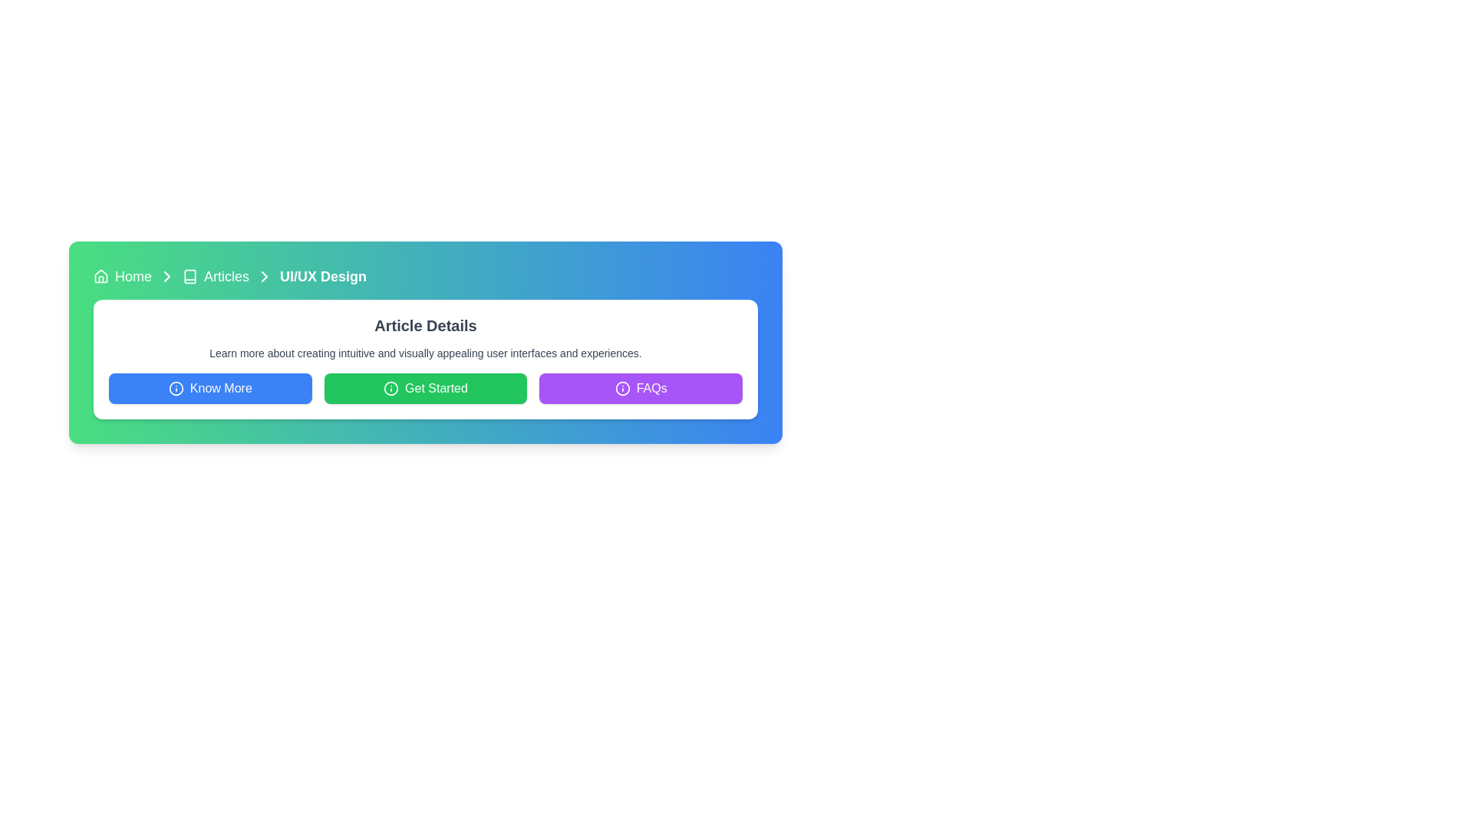 The image size is (1473, 828). I want to click on the 'Home' breadcrumb navigation step to underline the text, so click(121, 277).